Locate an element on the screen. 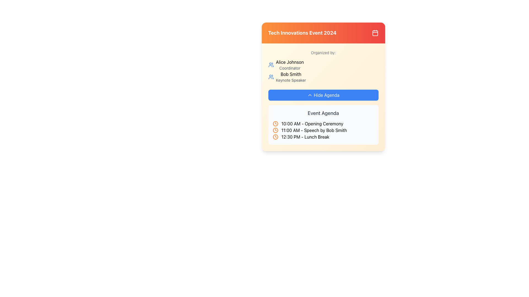 The height and width of the screenshot is (297, 529). the decorative red rectangle within the calendar icon located in the top-right corner of the header bar is located at coordinates (375, 33).